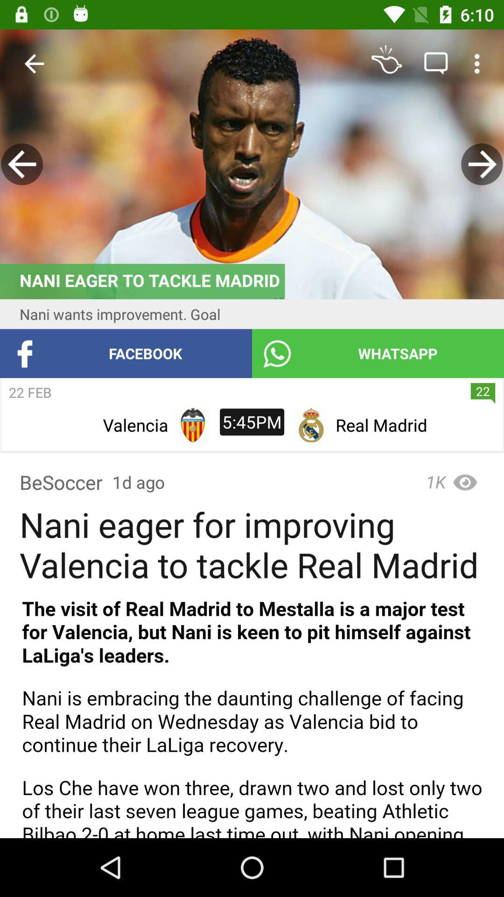  Describe the element at coordinates (482, 164) in the screenshot. I see `next page` at that location.